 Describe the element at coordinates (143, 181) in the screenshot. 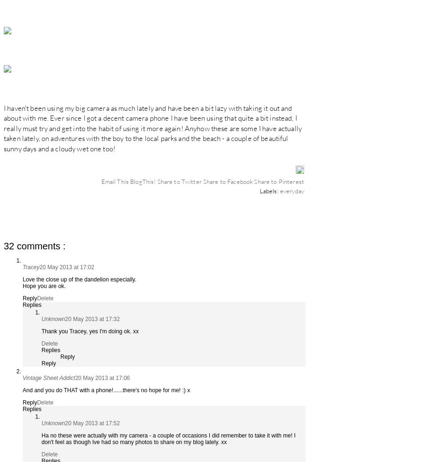

I see `'BlogThis!'` at that location.